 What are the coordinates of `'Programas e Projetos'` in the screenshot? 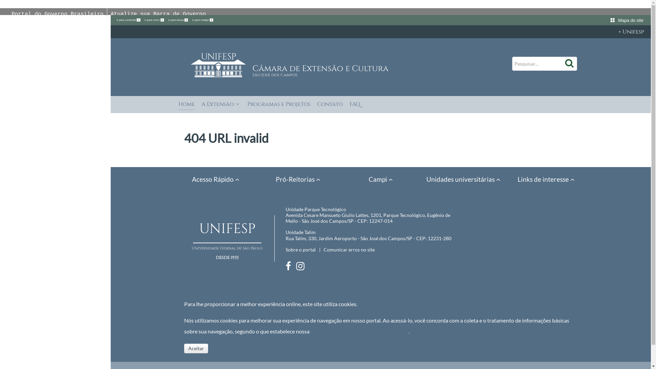 It's located at (279, 105).